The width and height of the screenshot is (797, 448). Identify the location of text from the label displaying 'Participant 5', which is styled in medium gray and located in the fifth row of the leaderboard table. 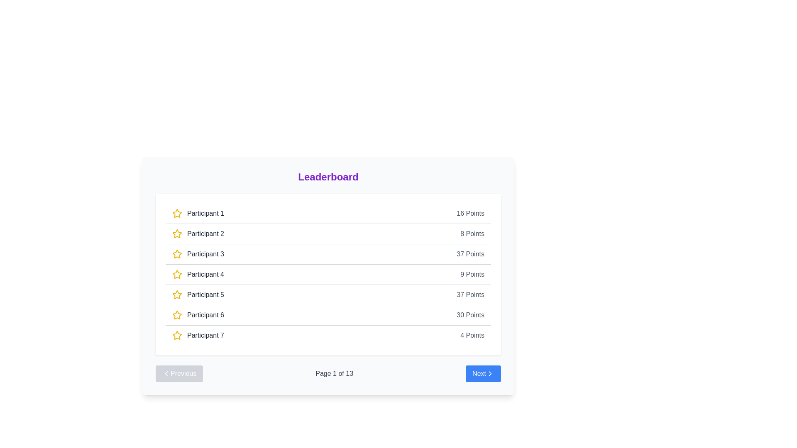
(198, 294).